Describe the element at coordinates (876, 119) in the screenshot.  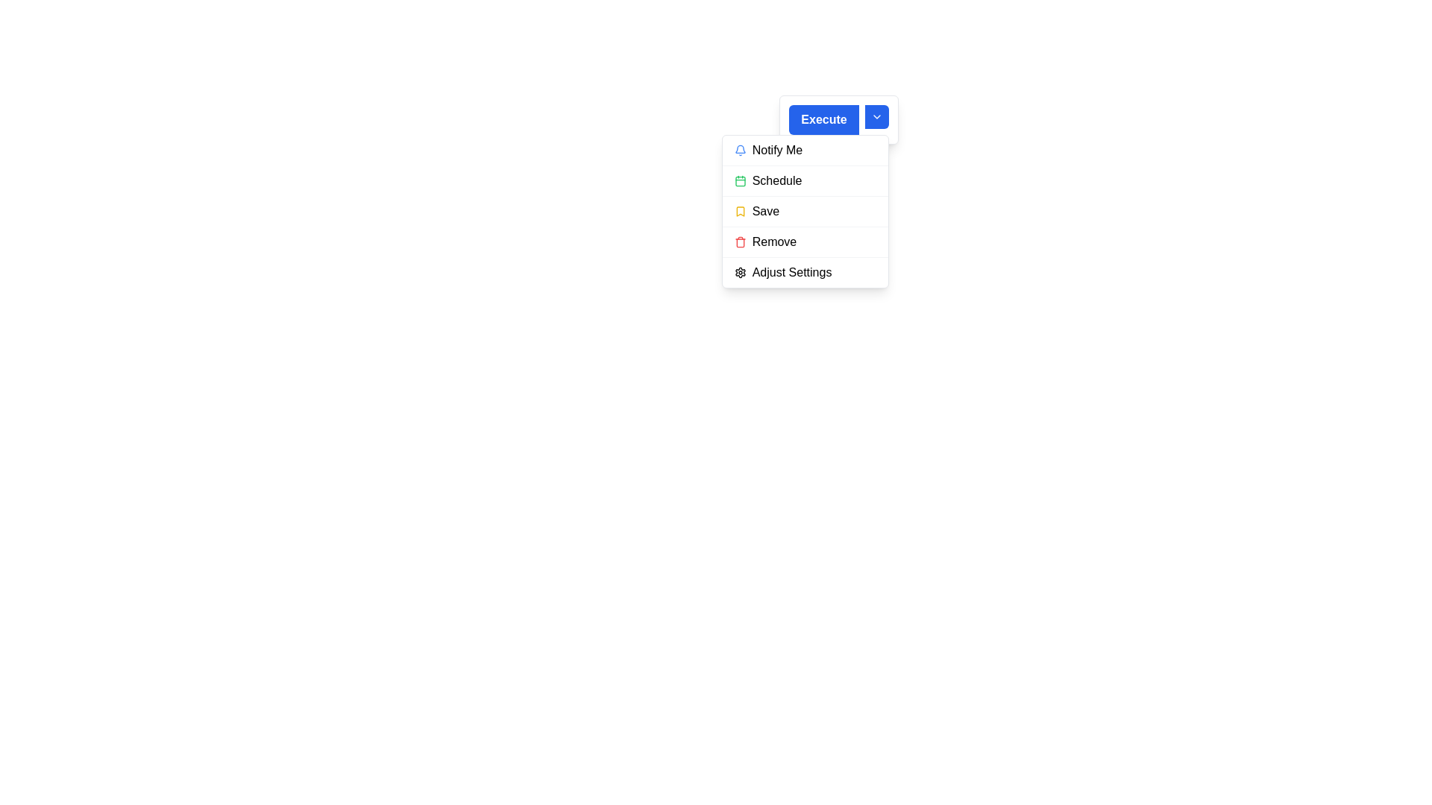
I see `the dropdown indicator icon, which is a small downward arrow located to the right of the 'Execute' button` at that location.